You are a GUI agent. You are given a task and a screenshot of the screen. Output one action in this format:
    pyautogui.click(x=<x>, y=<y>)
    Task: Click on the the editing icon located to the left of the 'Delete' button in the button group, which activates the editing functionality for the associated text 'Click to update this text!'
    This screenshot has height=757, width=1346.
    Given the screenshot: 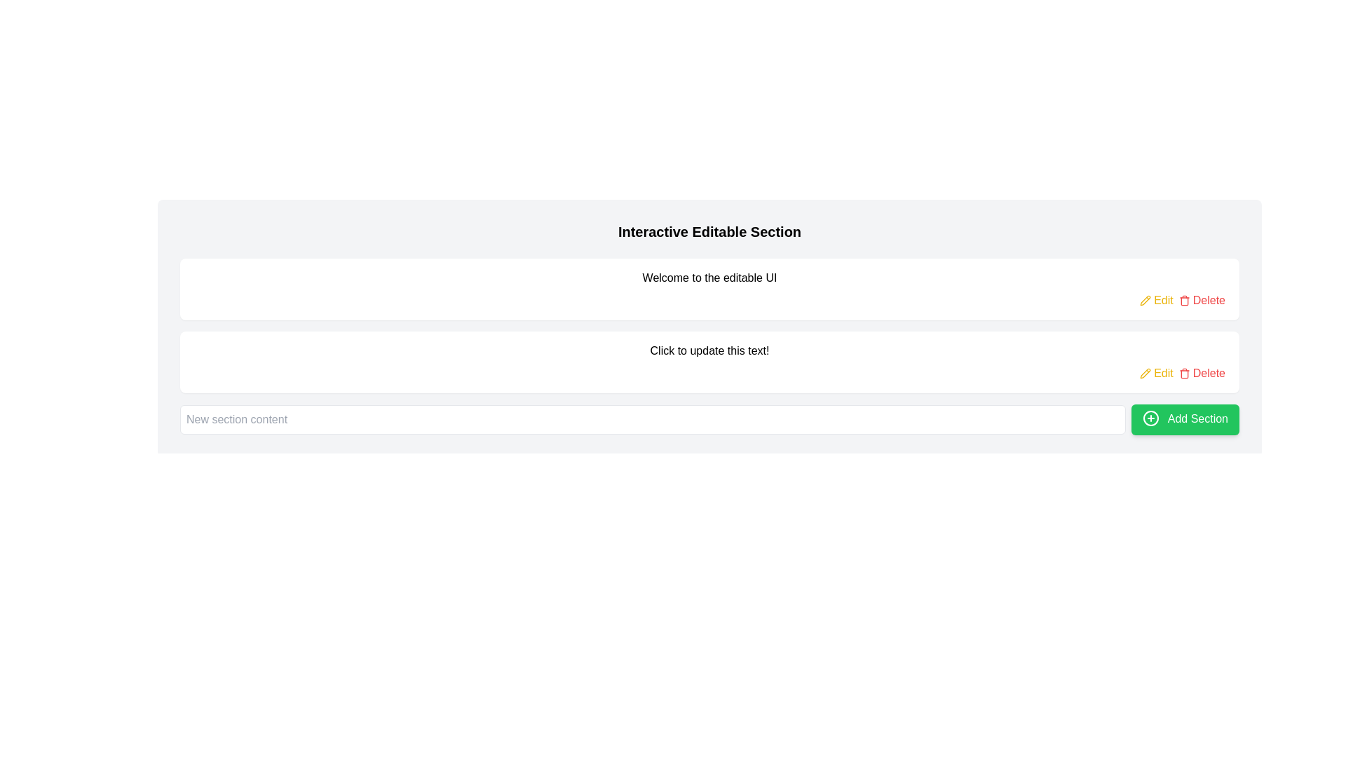 What is the action you would take?
    pyautogui.click(x=1145, y=299)
    